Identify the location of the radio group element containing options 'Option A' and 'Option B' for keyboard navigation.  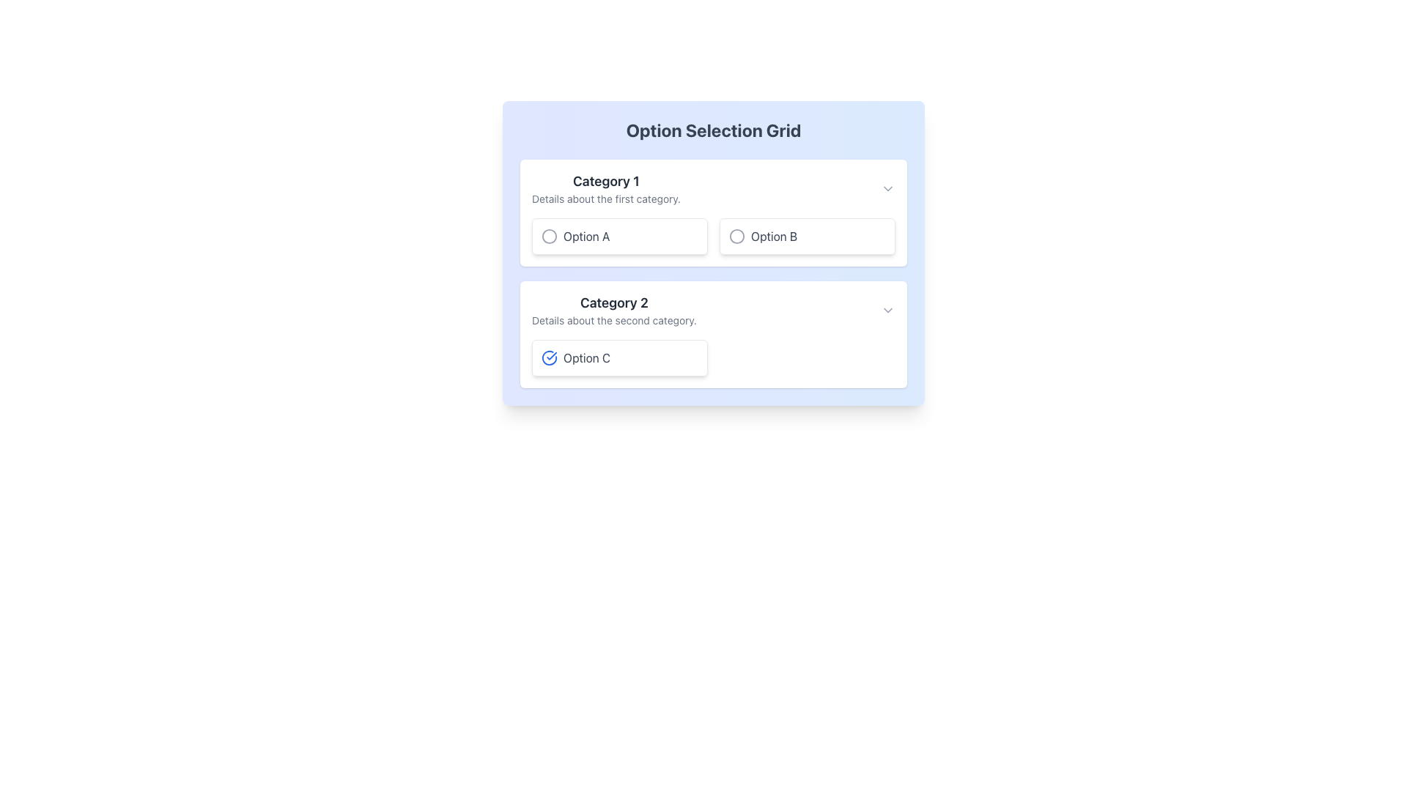
(714, 236).